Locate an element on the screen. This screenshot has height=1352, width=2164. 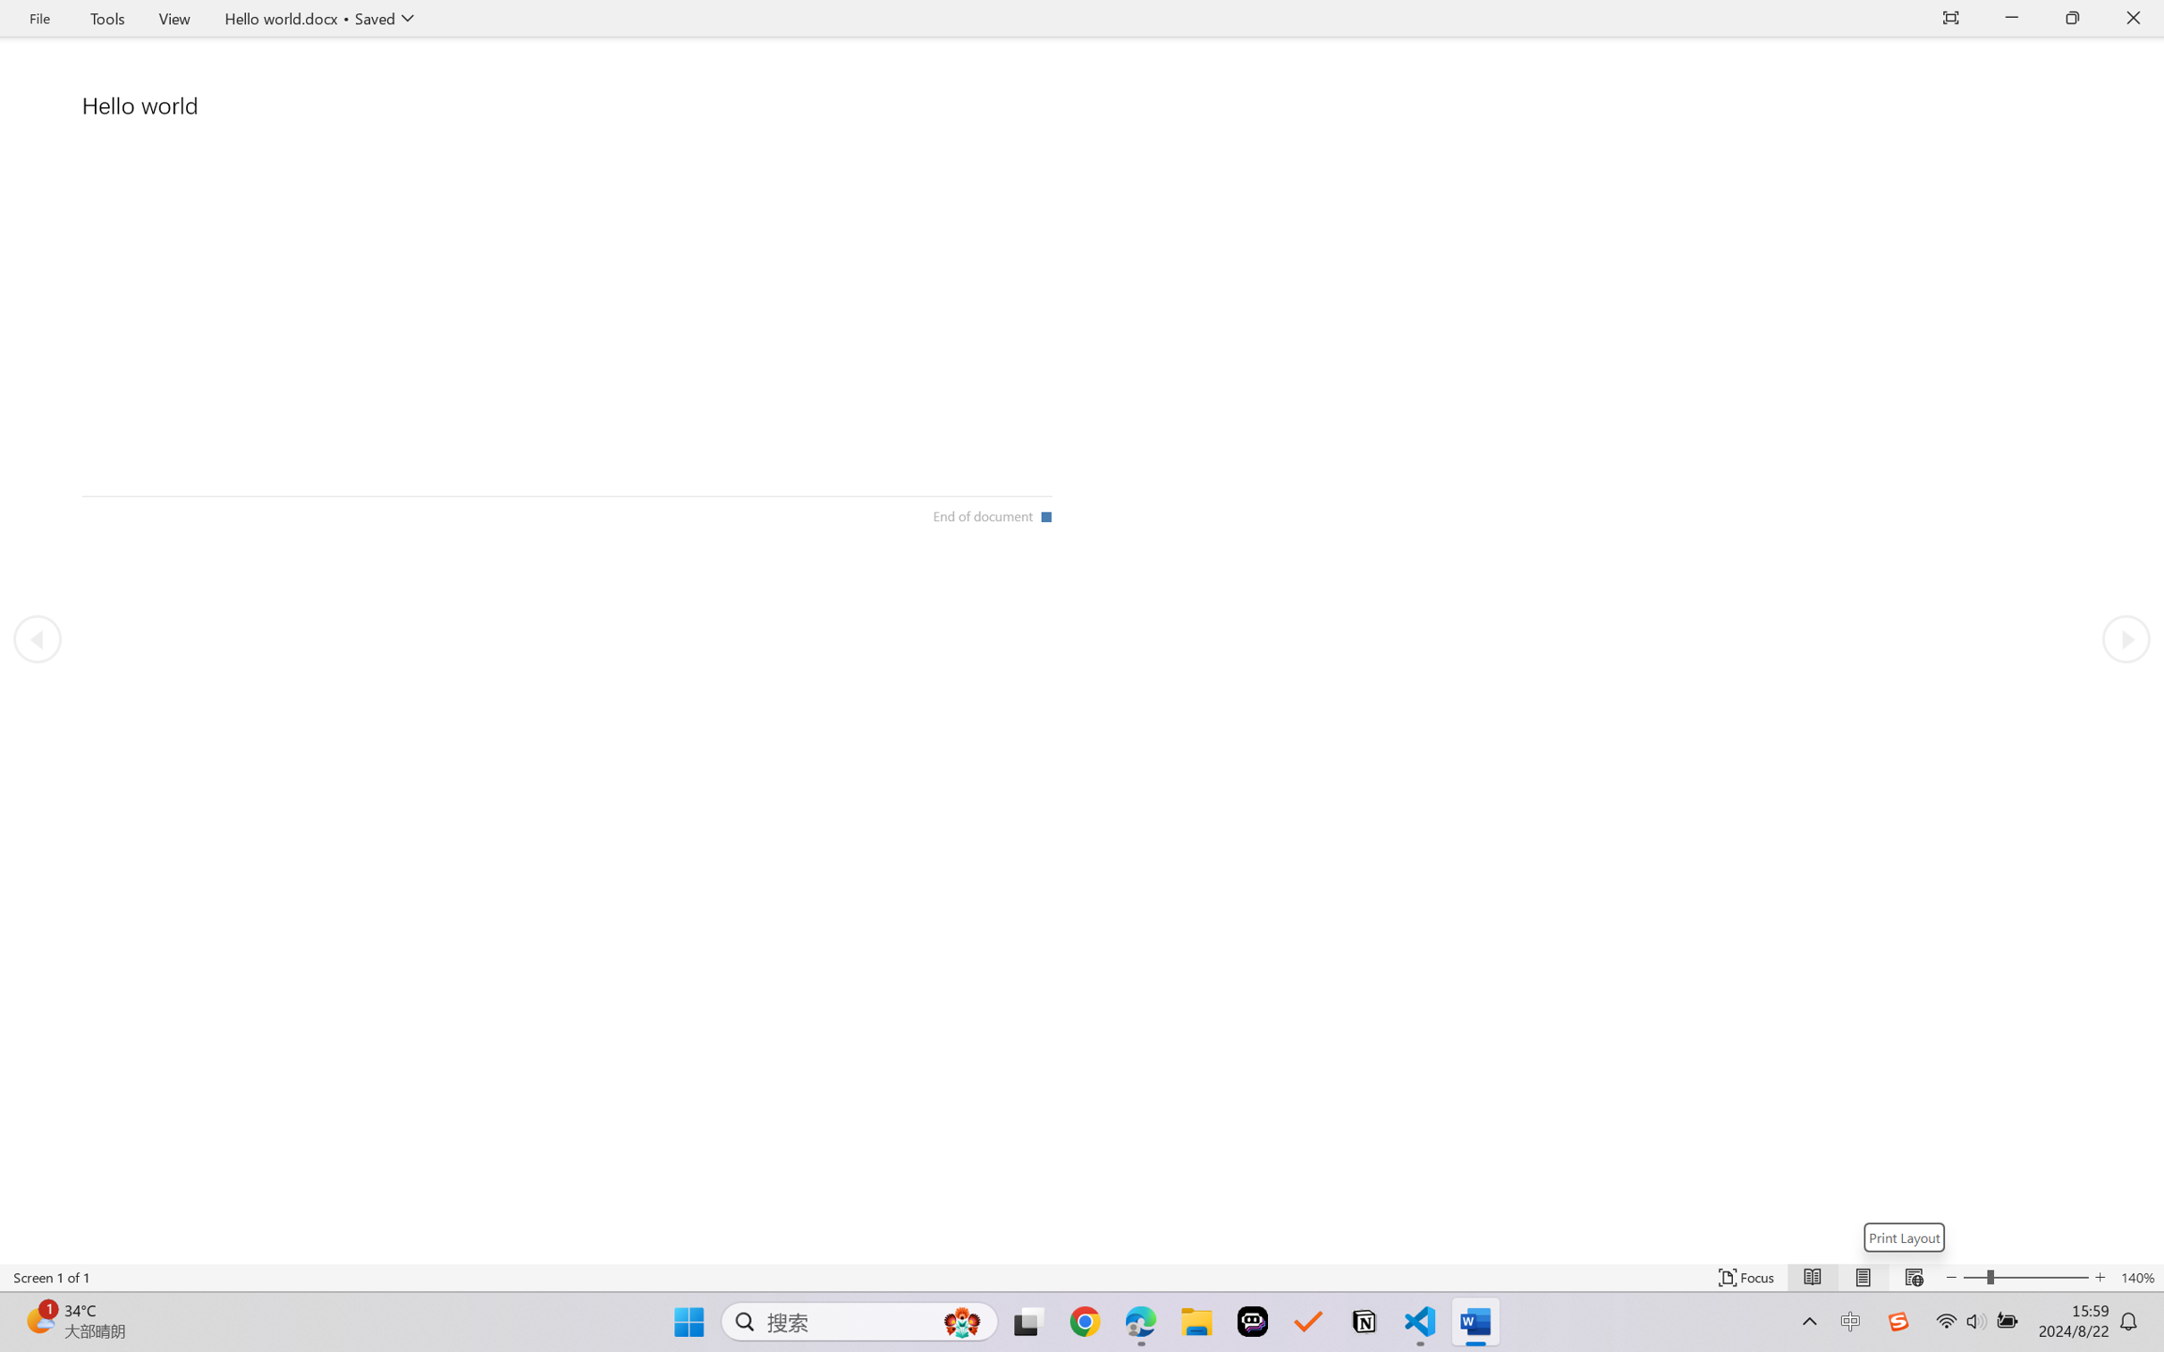
'File Tab' is located at coordinates (38, 18).